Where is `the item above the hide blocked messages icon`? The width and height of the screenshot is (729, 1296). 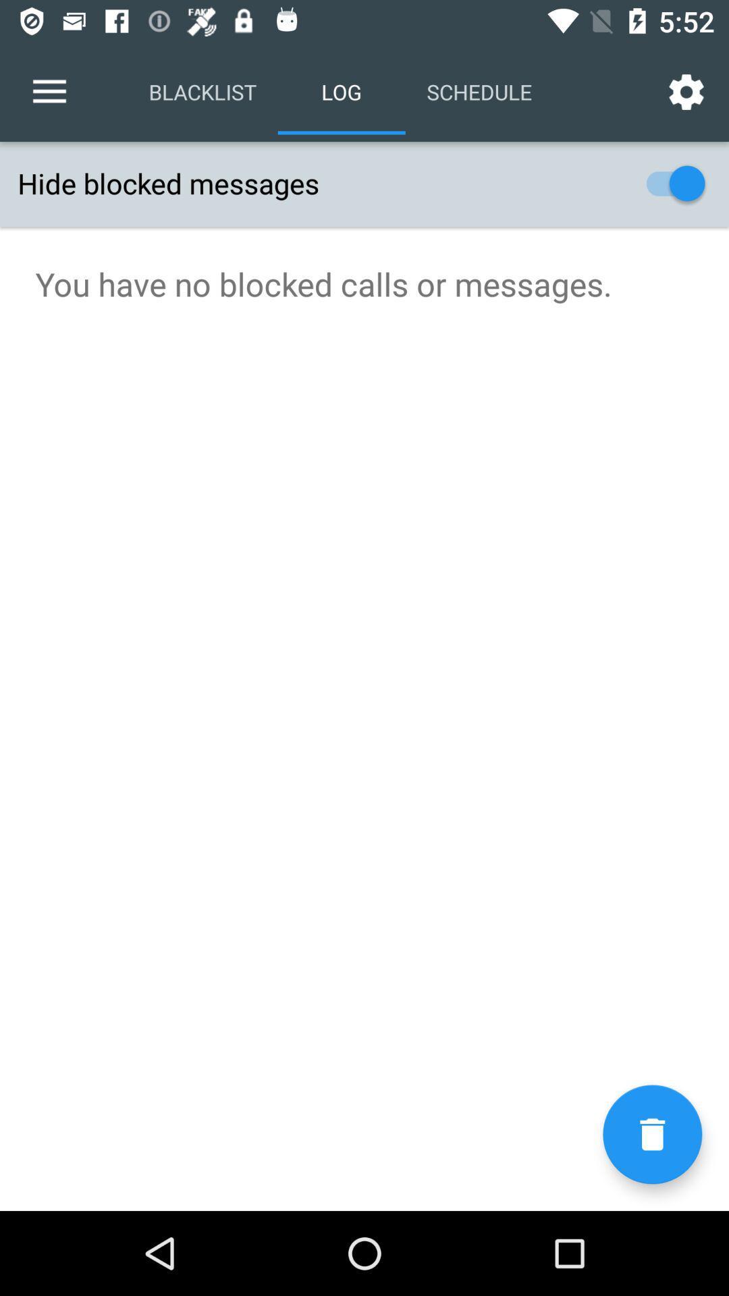
the item above the hide blocked messages icon is located at coordinates (49, 91).